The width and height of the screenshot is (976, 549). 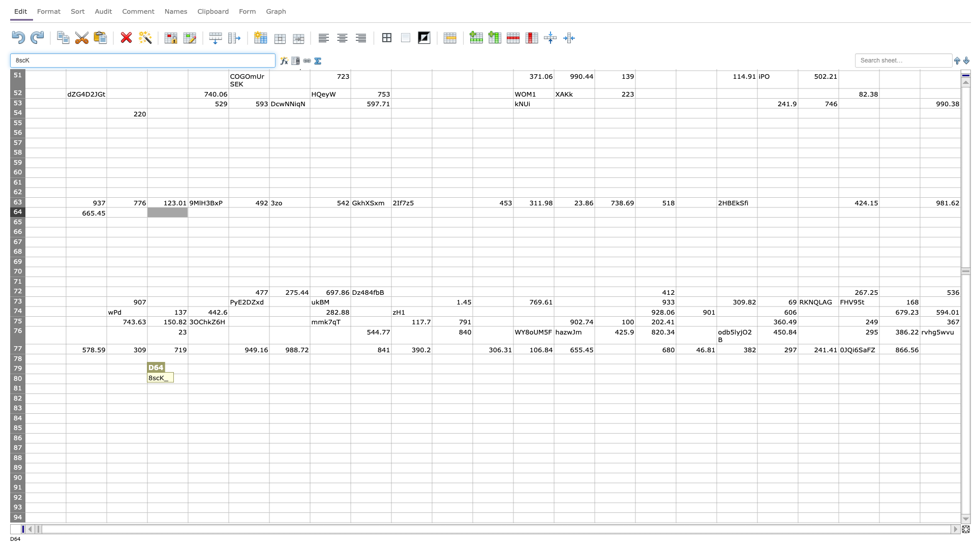 What do you see at coordinates (188, 374) in the screenshot?
I see `top left corner of E80` at bounding box center [188, 374].